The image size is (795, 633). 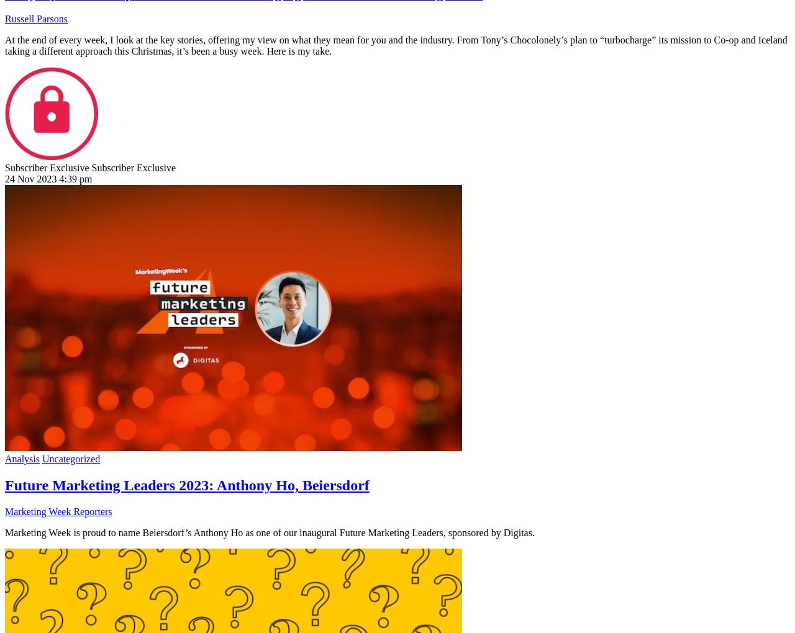 What do you see at coordinates (186, 485) in the screenshot?
I see `'Future Marketing Leaders 2023: Anthony Ho, Beiersdorf'` at bounding box center [186, 485].